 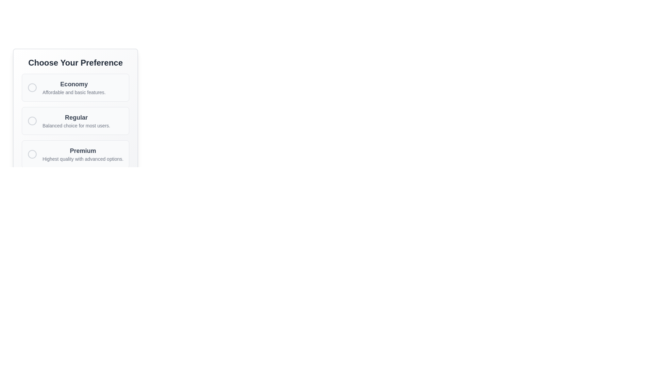 What do you see at coordinates (76, 120) in the screenshot?
I see `the 'Regular' text label which is the second choice option in the selection list under 'Choose Your Preference'` at bounding box center [76, 120].